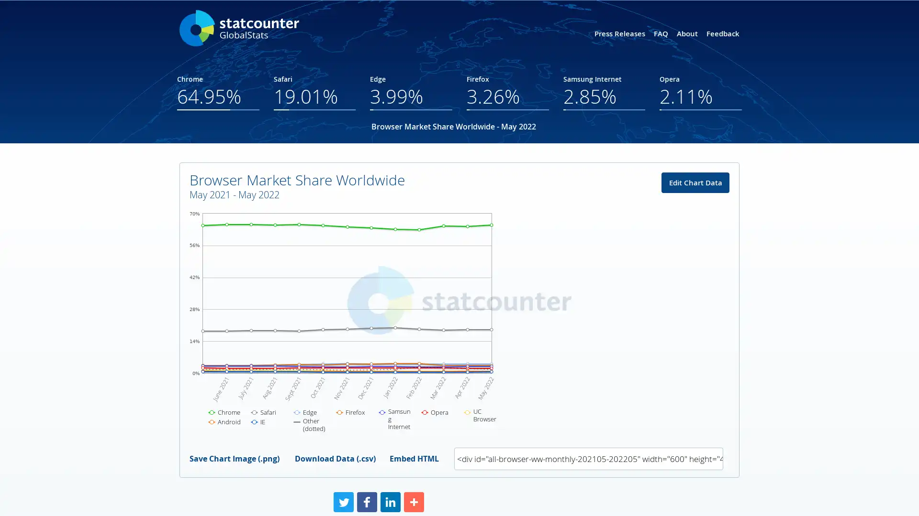  Describe the element at coordinates (410, 501) in the screenshot. I see `Share to Facebook Facebook` at that location.